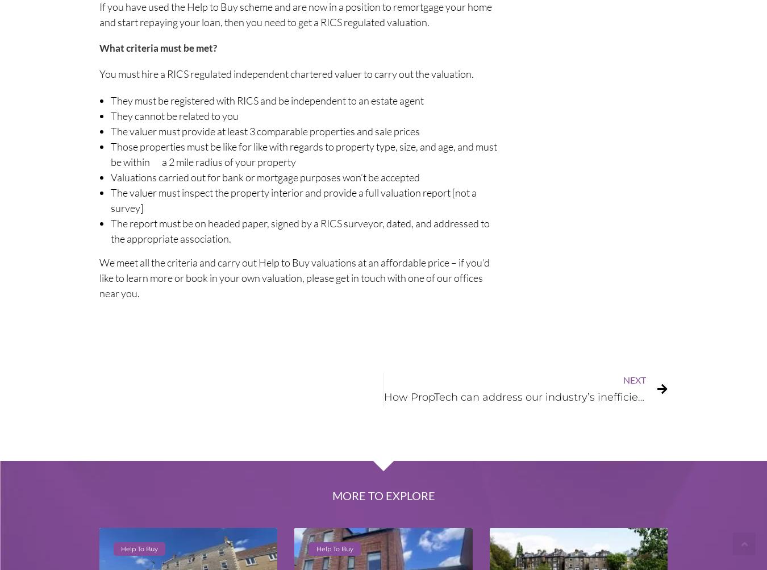 The image size is (767, 570). What do you see at coordinates (523, 397) in the screenshot?
I see `'How PropTech can address our industry’s inefficiencies'` at bounding box center [523, 397].